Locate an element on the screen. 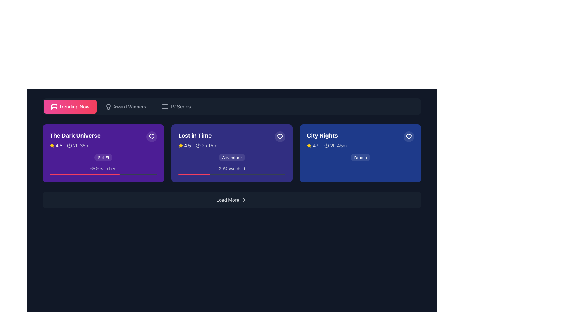 Image resolution: width=568 pixels, height=319 pixels. the static text displaying '2h 45m', which is light gray and located in the rightmost card of a three-card grid layout, positioned near the top center of the card after a yellow star rating indicator is located at coordinates (335, 146).